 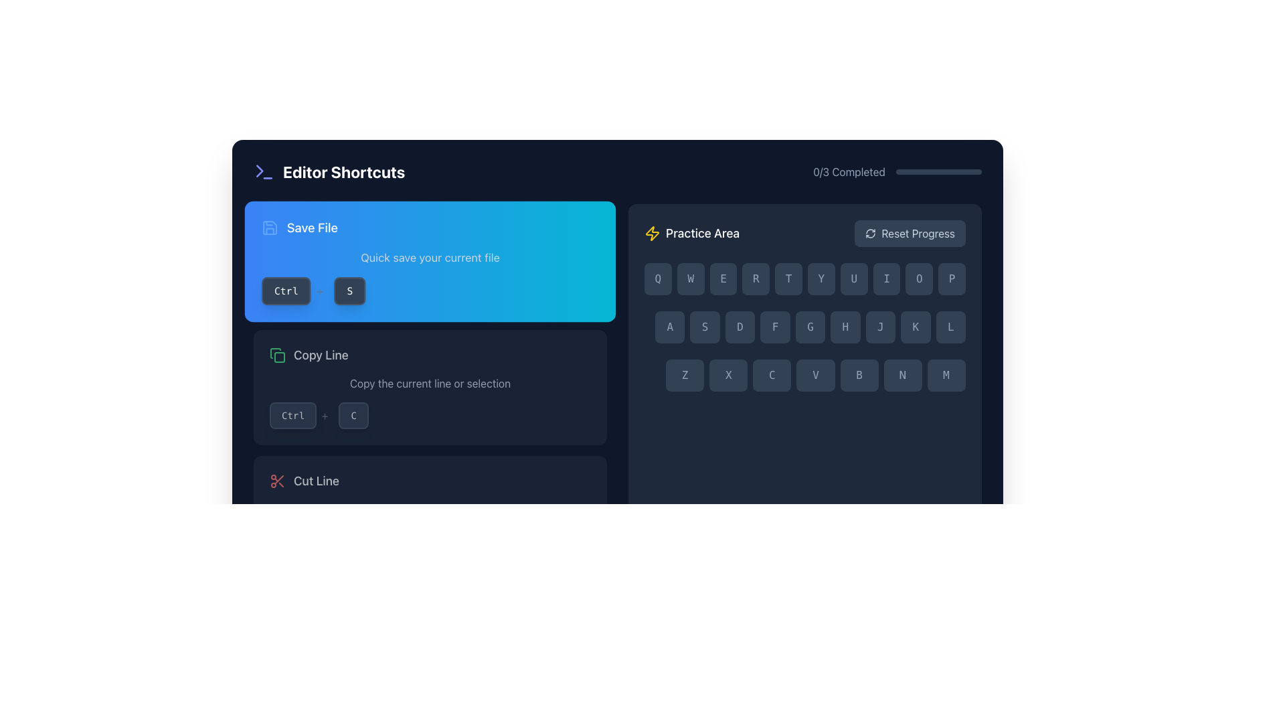 What do you see at coordinates (722, 278) in the screenshot?
I see `the rounded rectangular button with a dark slate background and light gray text displaying the letter 'E', which is the third button from the left in the QWERTYUIOP keyboard layout` at bounding box center [722, 278].